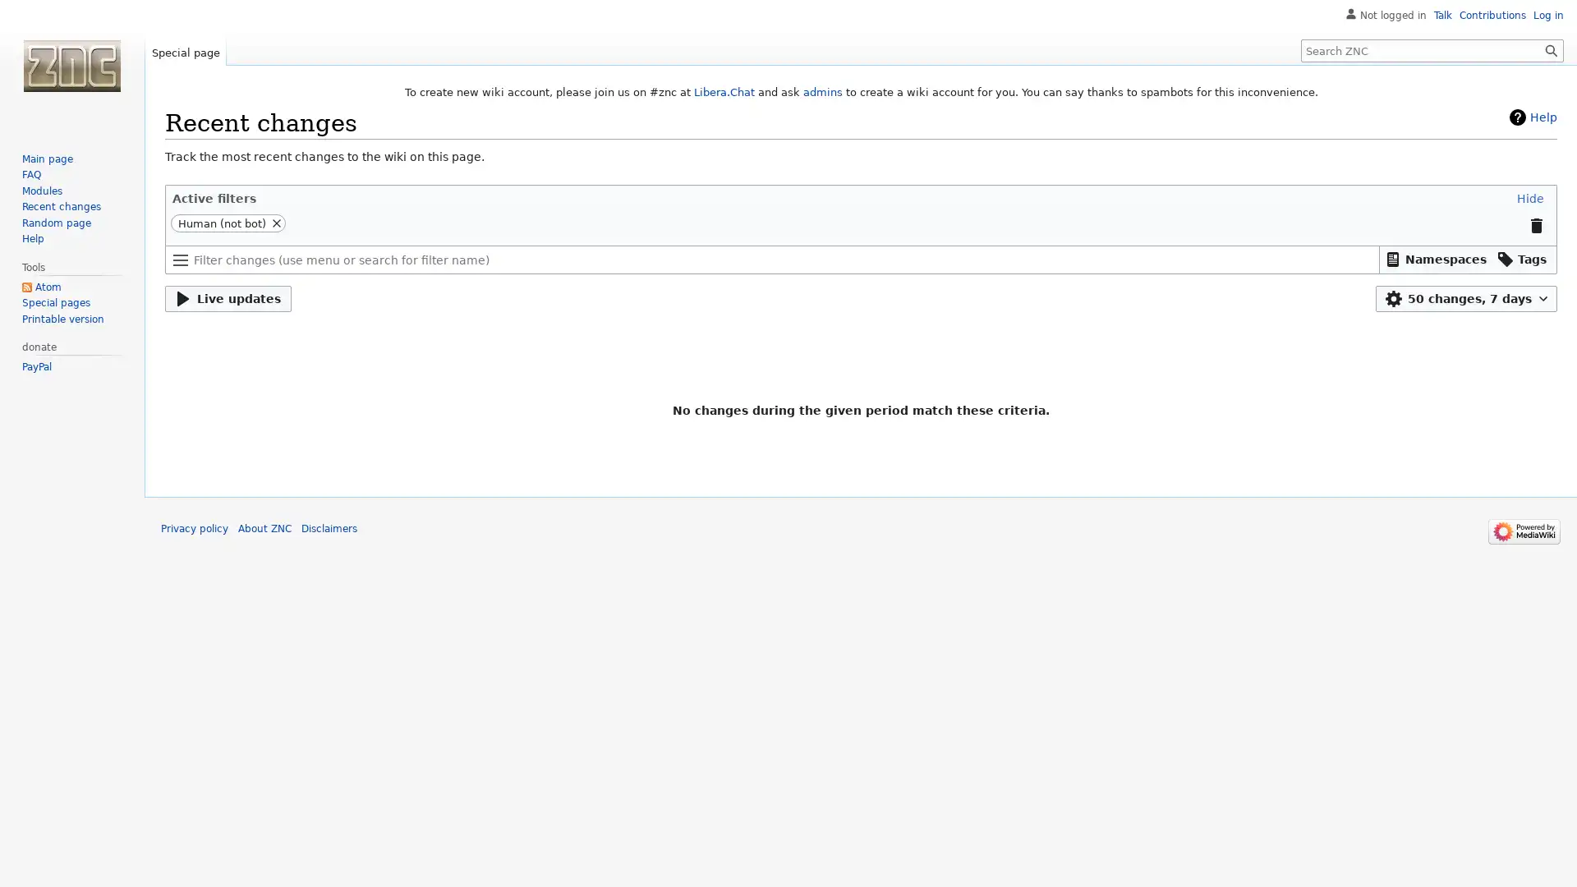 This screenshot has width=1577, height=887. I want to click on Filter results by namespace, so click(1435, 259).